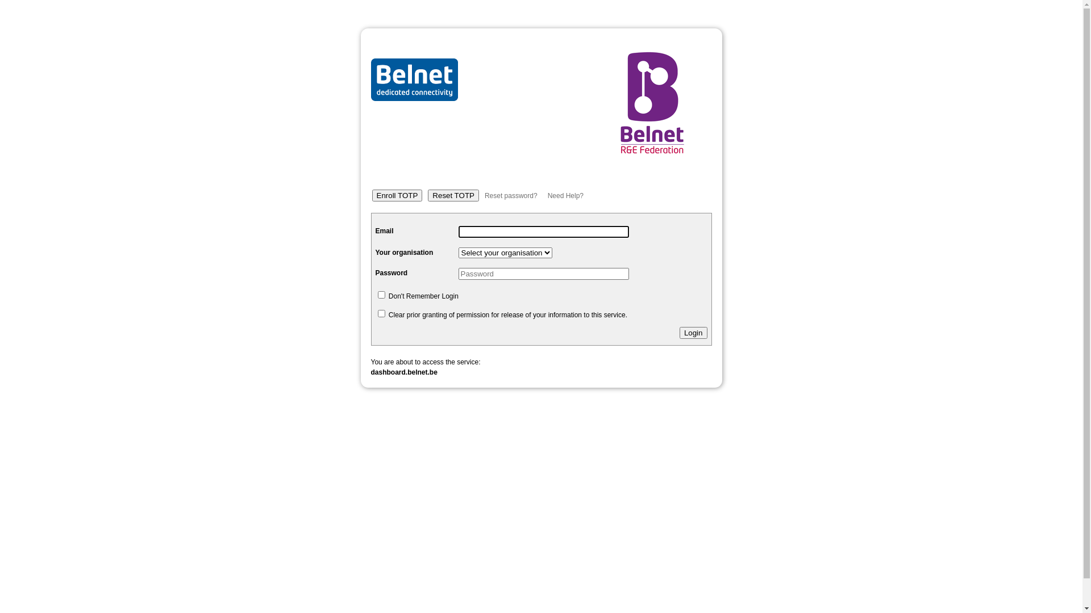 The width and height of the screenshot is (1091, 613). I want to click on 'Reset TOTP', so click(452, 195).